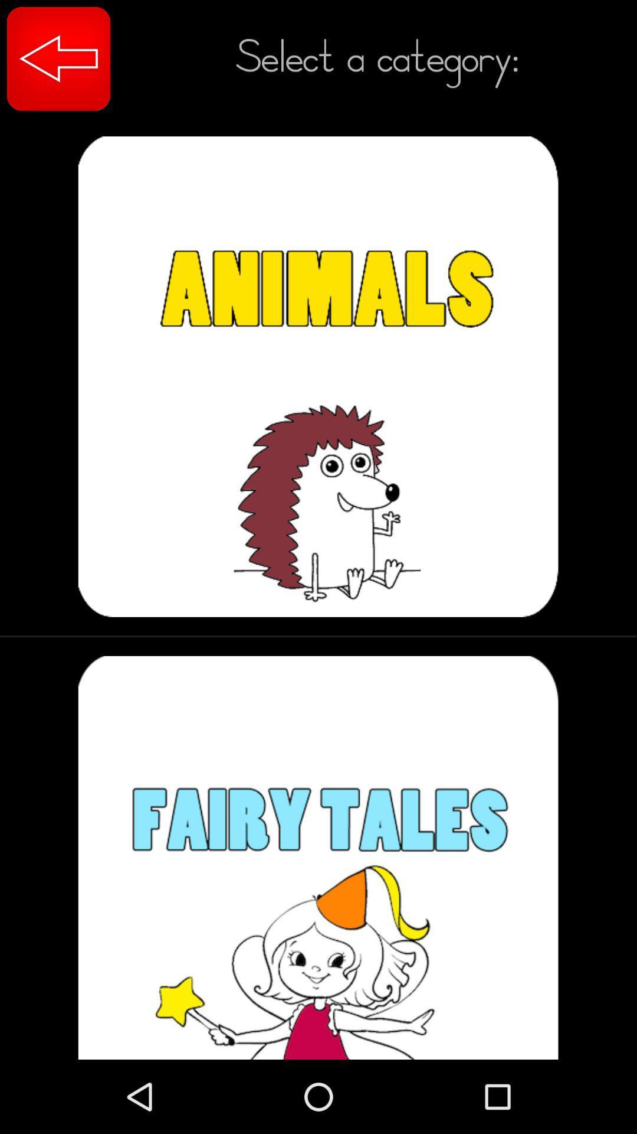  What do you see at coordinates (58, 58) in the screenshot?
I see `icon at the top left corner` at bounding box center [58, 58].